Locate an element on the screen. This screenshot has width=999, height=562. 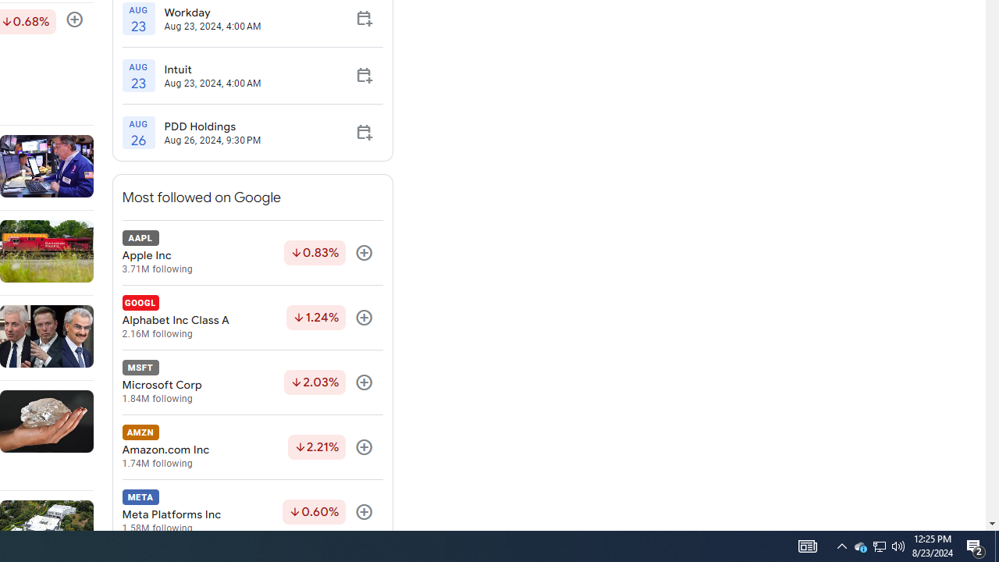
'MSFT Microsoft Corp 1.84M following Down by 2.03% Follow' is located at coordinates (252, 382).